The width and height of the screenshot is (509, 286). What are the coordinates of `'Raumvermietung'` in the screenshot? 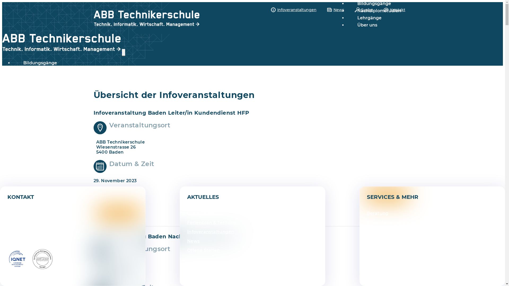 It's located at (387, 241).